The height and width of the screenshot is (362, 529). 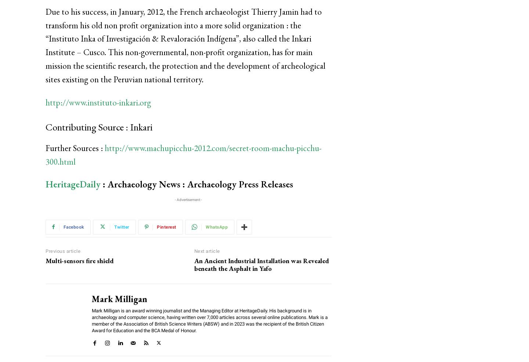 I want to click on 'http://www.machupicchu-2012.com/secret-room-machu-picchu-300.html', so click(x=183, y=154).